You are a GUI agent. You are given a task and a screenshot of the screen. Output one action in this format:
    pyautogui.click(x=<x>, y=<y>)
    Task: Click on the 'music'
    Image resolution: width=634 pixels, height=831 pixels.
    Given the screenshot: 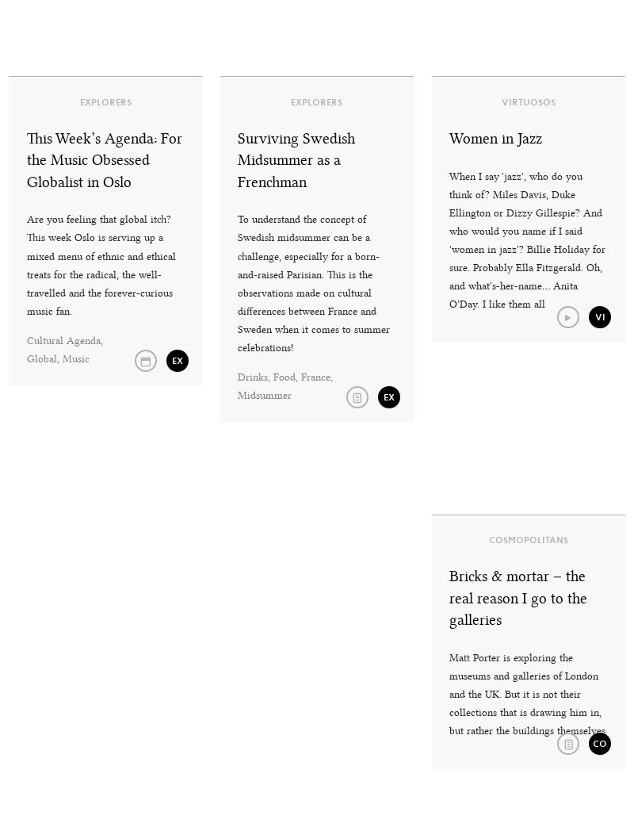 What is the action you would take?
    pyautogui.click(x=75, y=358)
    